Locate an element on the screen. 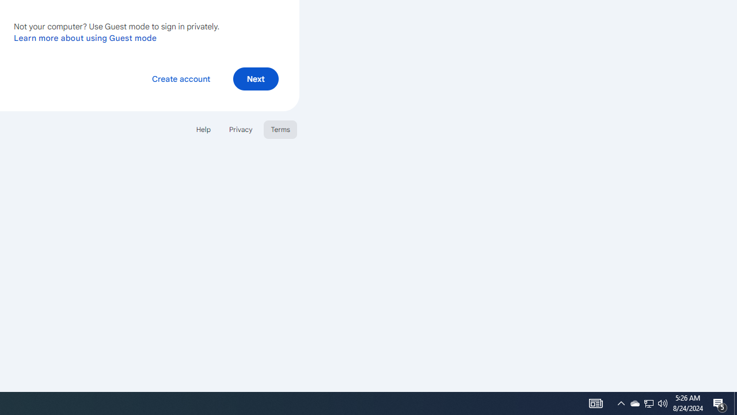  'Learn more about using Guest mode' is located at coordinates (85, 37).